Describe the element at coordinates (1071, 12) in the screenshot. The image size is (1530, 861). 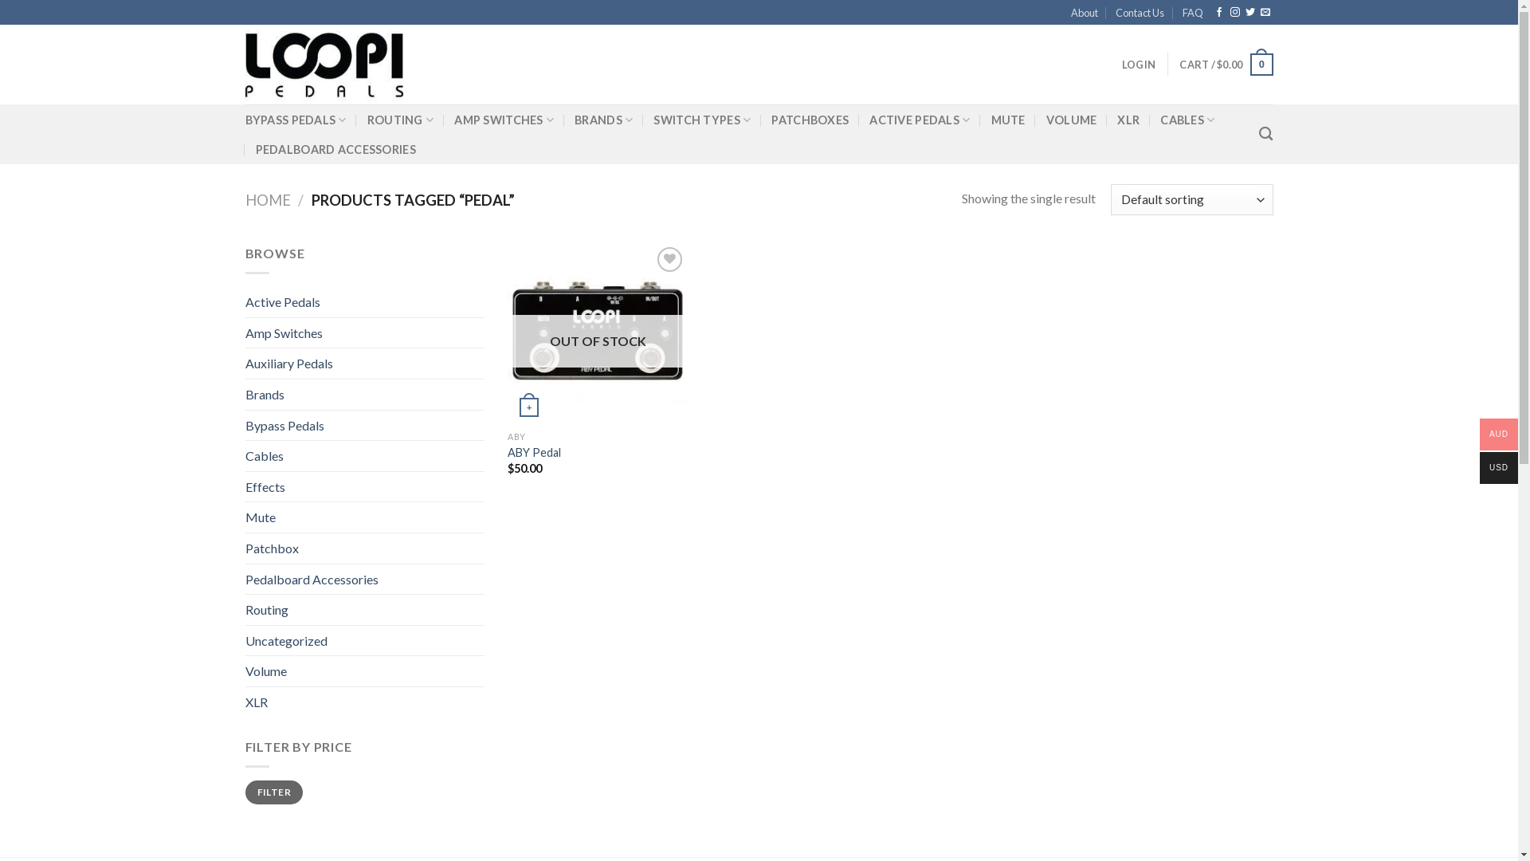
I see `'About'` at that location.